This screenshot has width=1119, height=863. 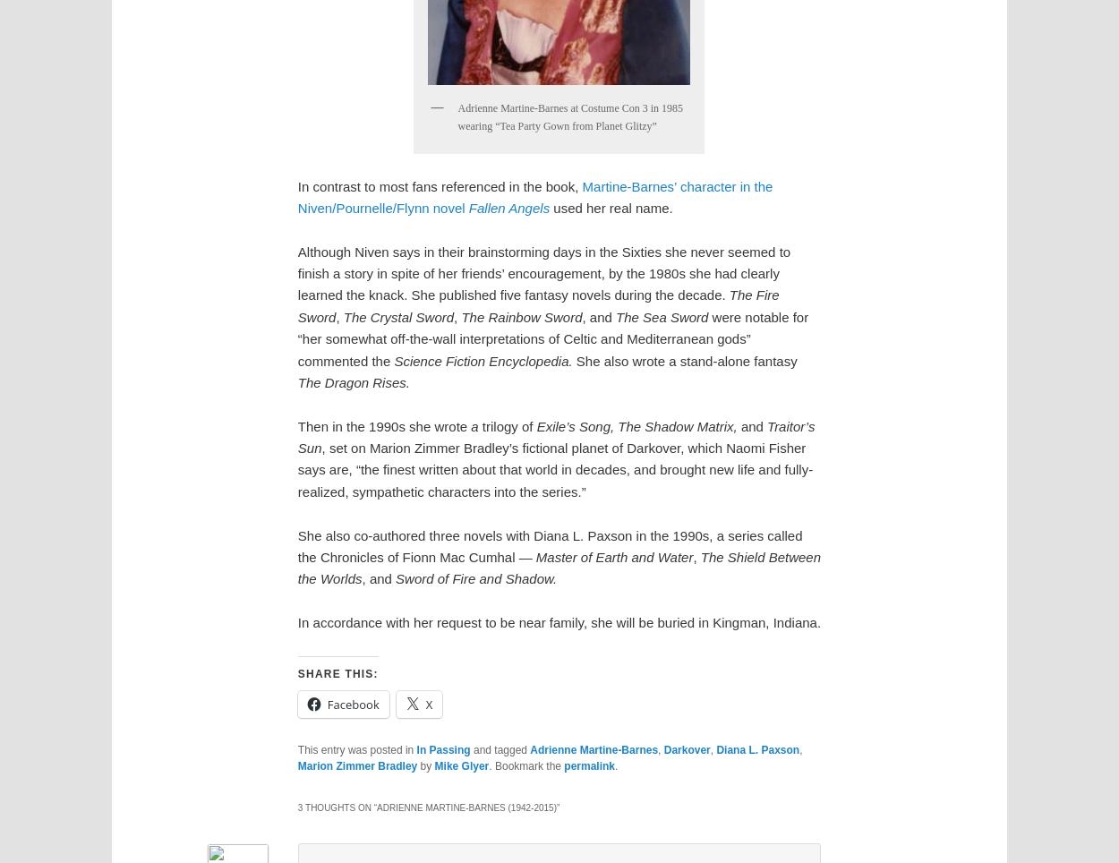 I want to click on 'a', so click(x=473, y=425).